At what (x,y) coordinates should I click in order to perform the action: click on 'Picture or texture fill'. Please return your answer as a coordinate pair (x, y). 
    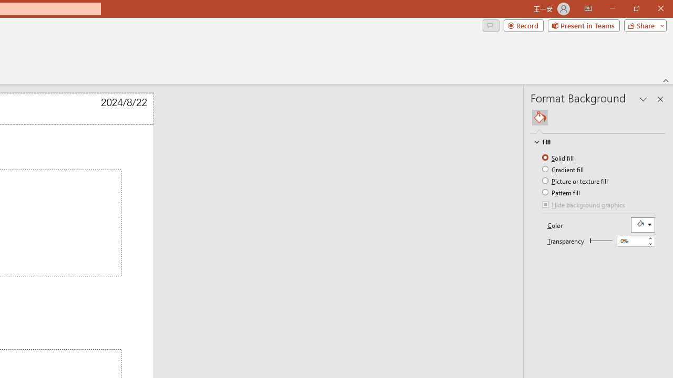
    Looking at the image, I should click on (575, 180).